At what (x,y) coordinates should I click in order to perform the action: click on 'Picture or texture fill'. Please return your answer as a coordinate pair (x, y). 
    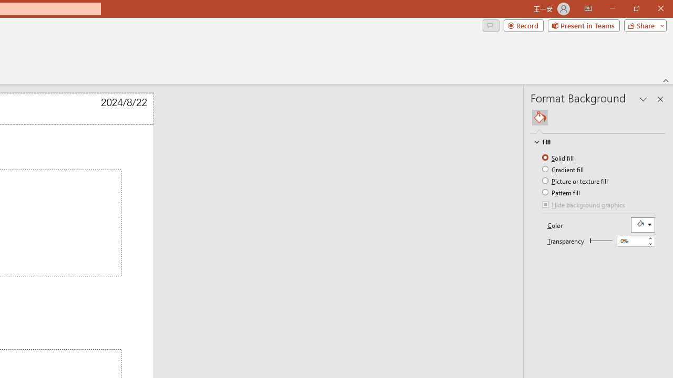
    Looking at the image, I should click on (575, 180).